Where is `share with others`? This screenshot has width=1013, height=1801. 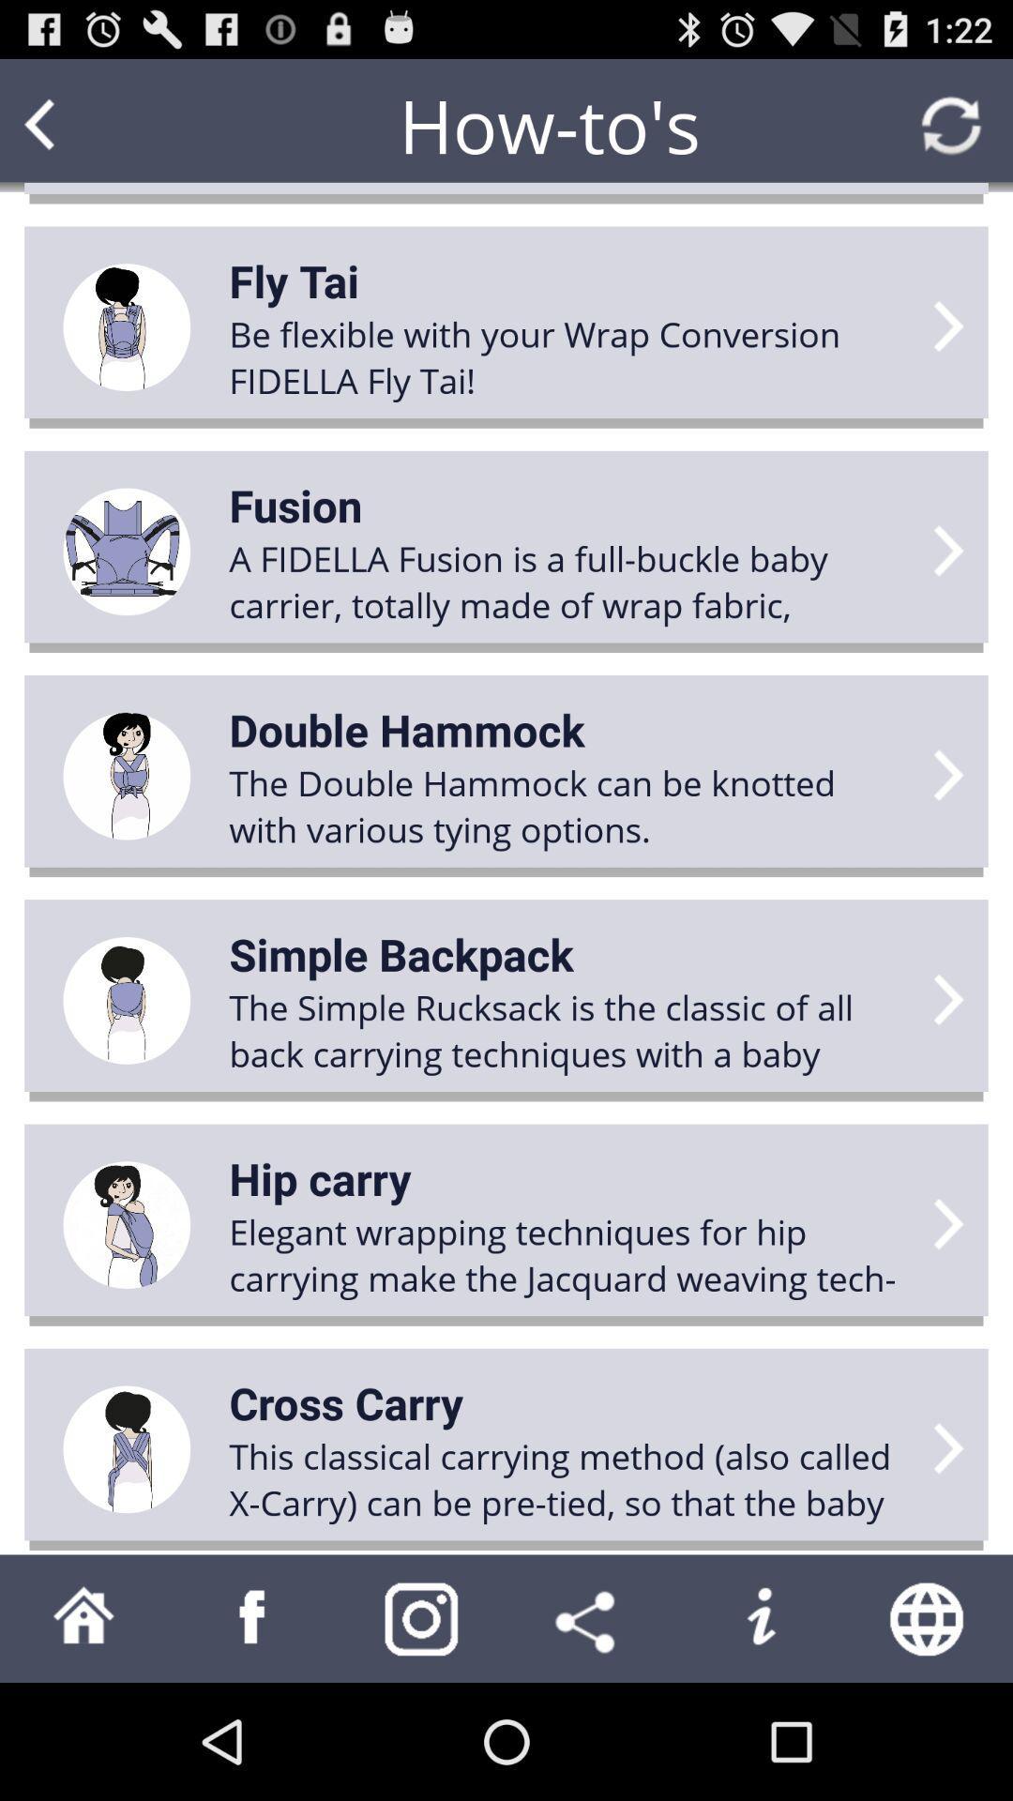 share with others is located at coordinates (589, 1617).